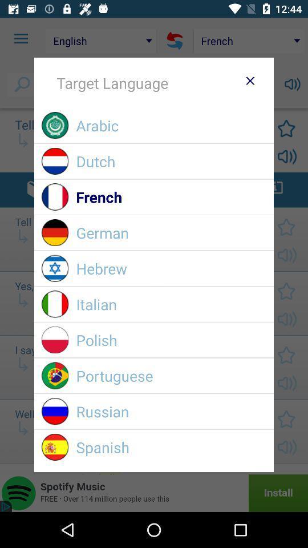 This screenshot has width=308, height=548. I want to click on item above arabic icon, so click(249, 80).